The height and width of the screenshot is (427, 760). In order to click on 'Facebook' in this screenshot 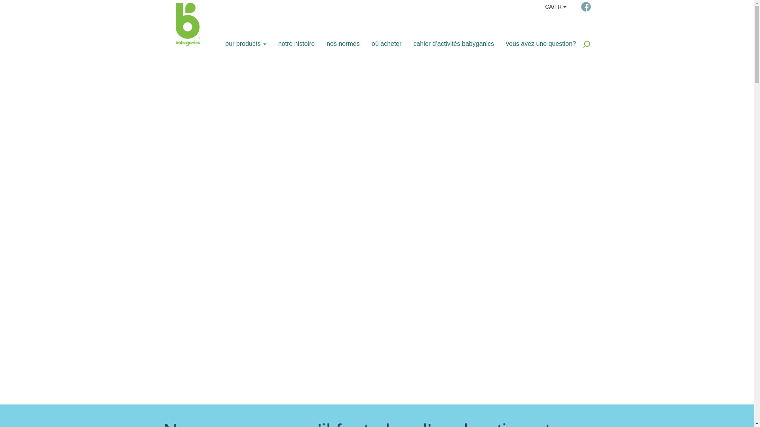, I will do `click(581, 6)`.